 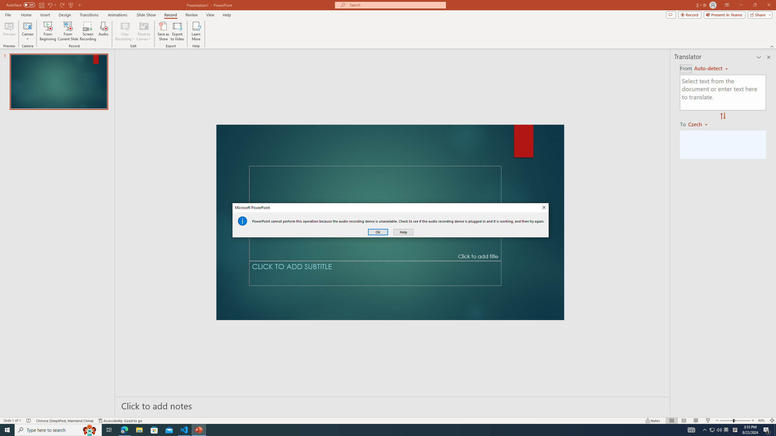 I want to click on 'Swap "from" and "to" languages.', so click(x=723, y=116).